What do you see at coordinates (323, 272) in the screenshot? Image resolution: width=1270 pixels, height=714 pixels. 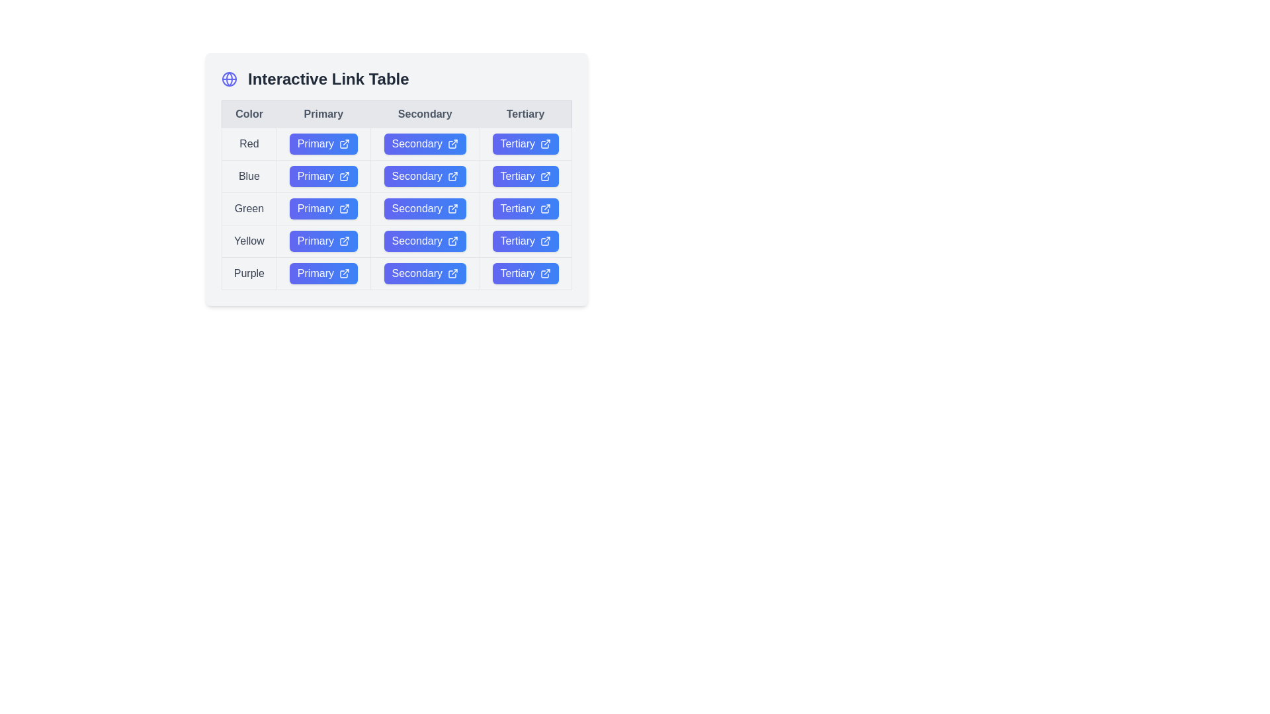 I see `the 'Primary' button with a gradient background transitioning from indigo to blue, located` at bounding box center [323, 272].